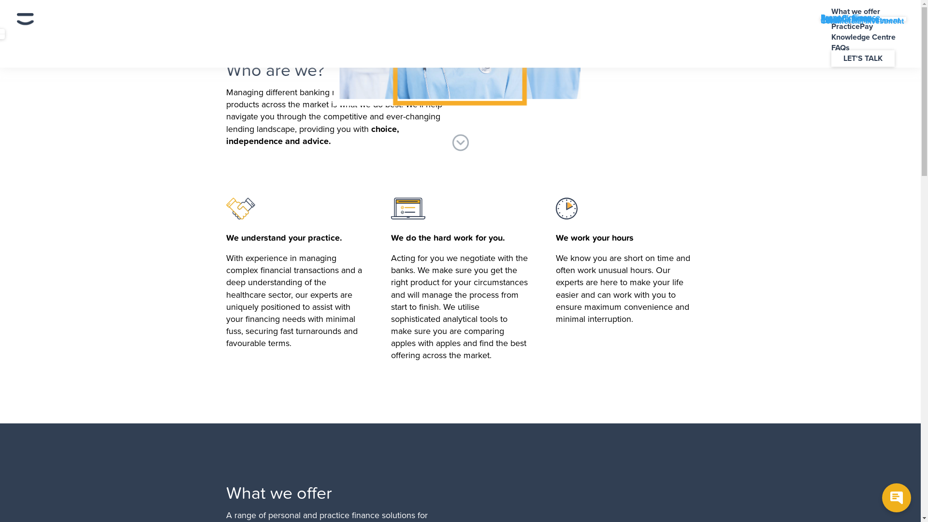 This screenshot has width=928, height=522. What do you see at coordinates (844, 18) in the screenshot?
I see `'Asset Finance'` at bounding box center [844, 18].